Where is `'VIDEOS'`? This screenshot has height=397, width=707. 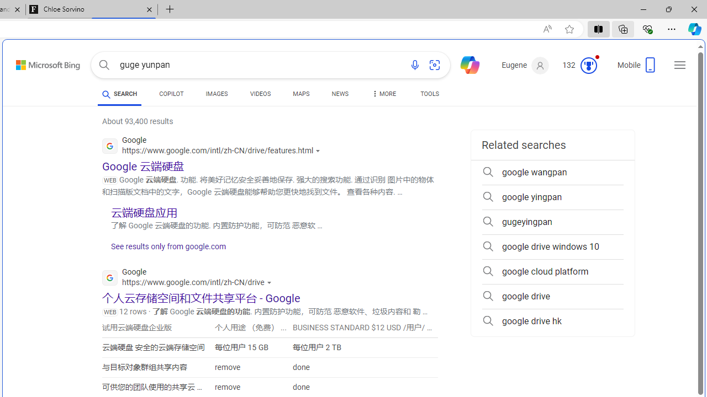
'VIDEOS' is located at coordinates (260, 94).